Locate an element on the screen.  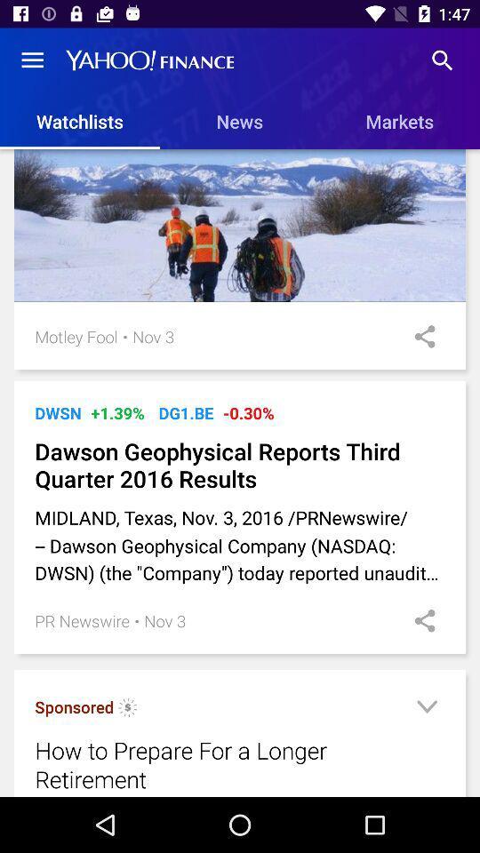
the icon above dawson geophysical reports icon is located at coordinates (247, 413).